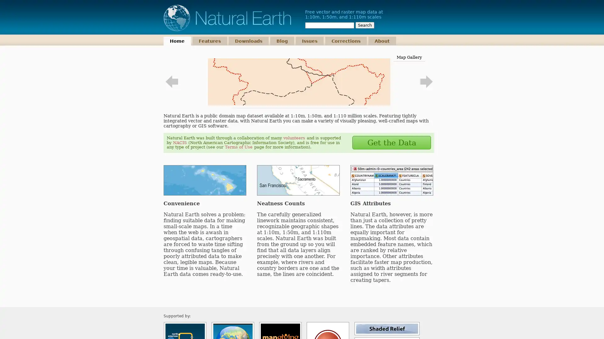  I want to click on Search, so click(365, 25).